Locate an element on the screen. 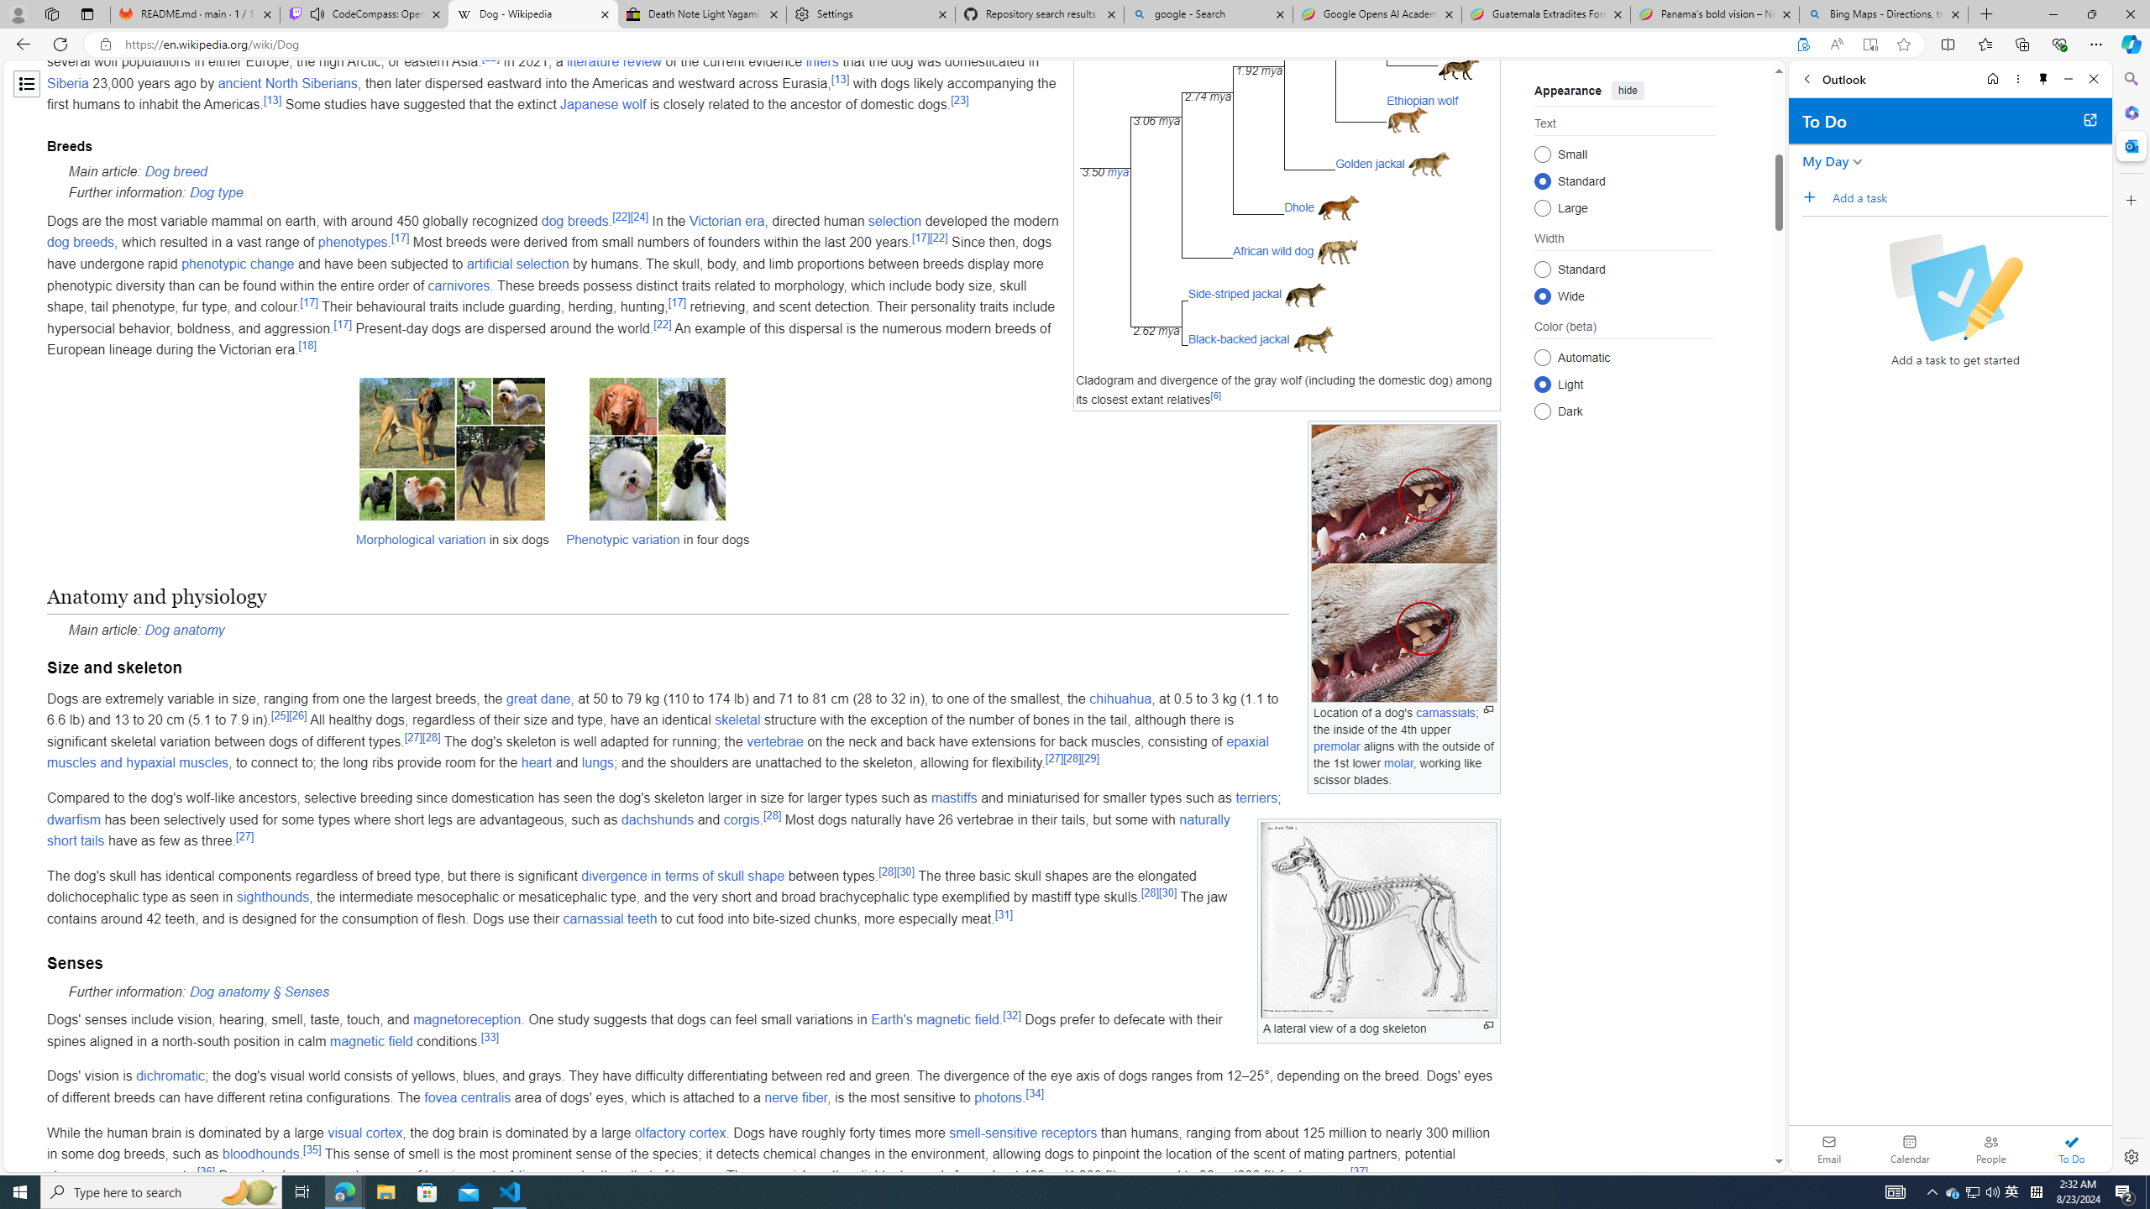  '[17]' is located at coordinates (342, 322).